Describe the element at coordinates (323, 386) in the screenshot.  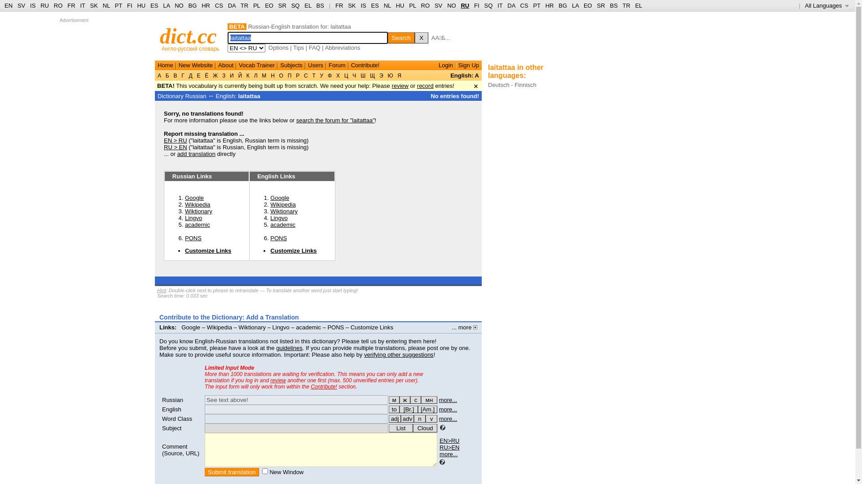
I see `'Contribute!'` at that location.